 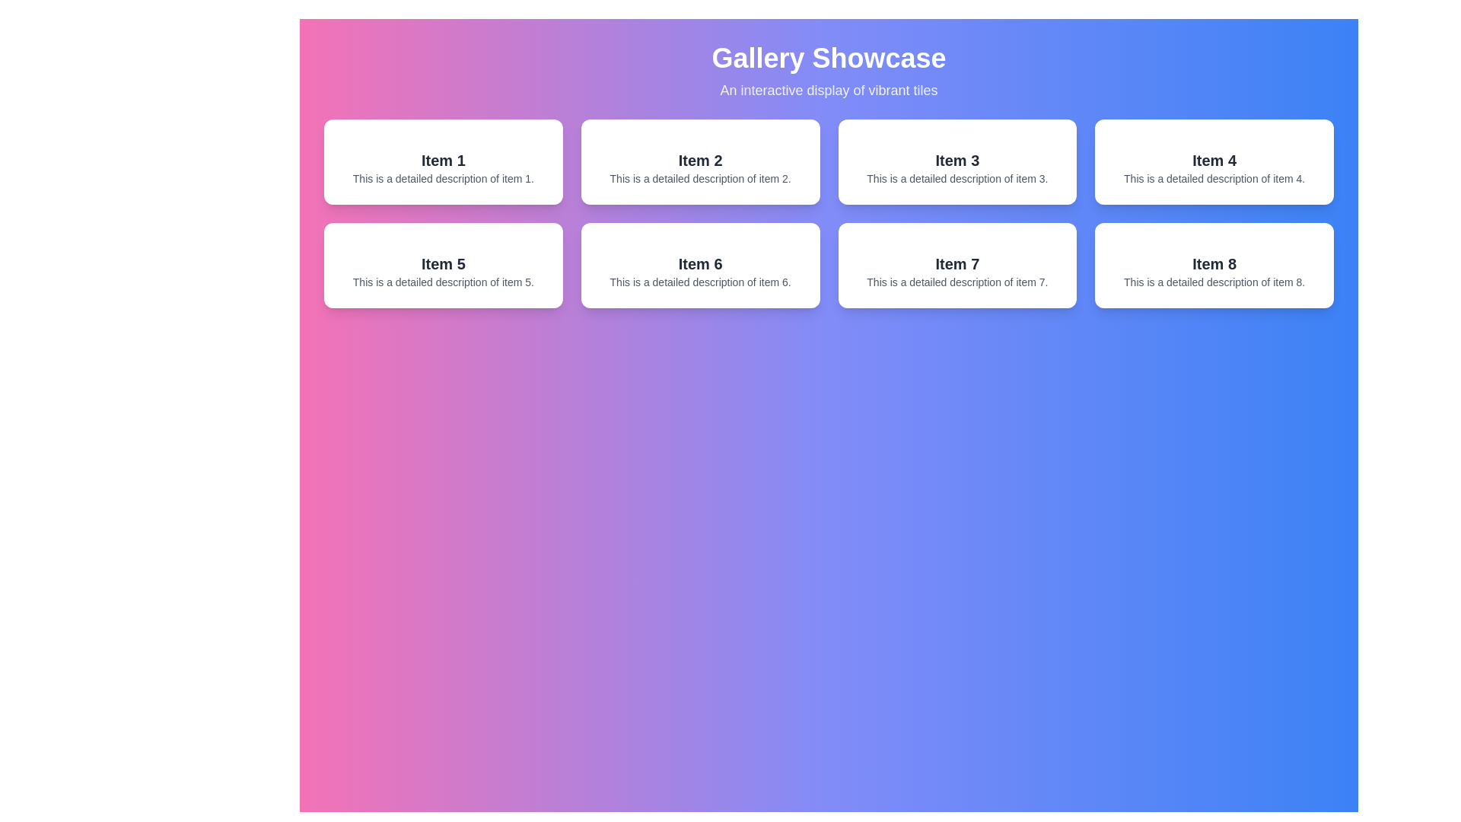 What do you see at coordinates (442, 161) in the screenshot?
I see `text from the heading-style label that says 'Item 1', which is bold and larger than surrounding text, located at the top center of its containing box` at bounding box center [442, 161].